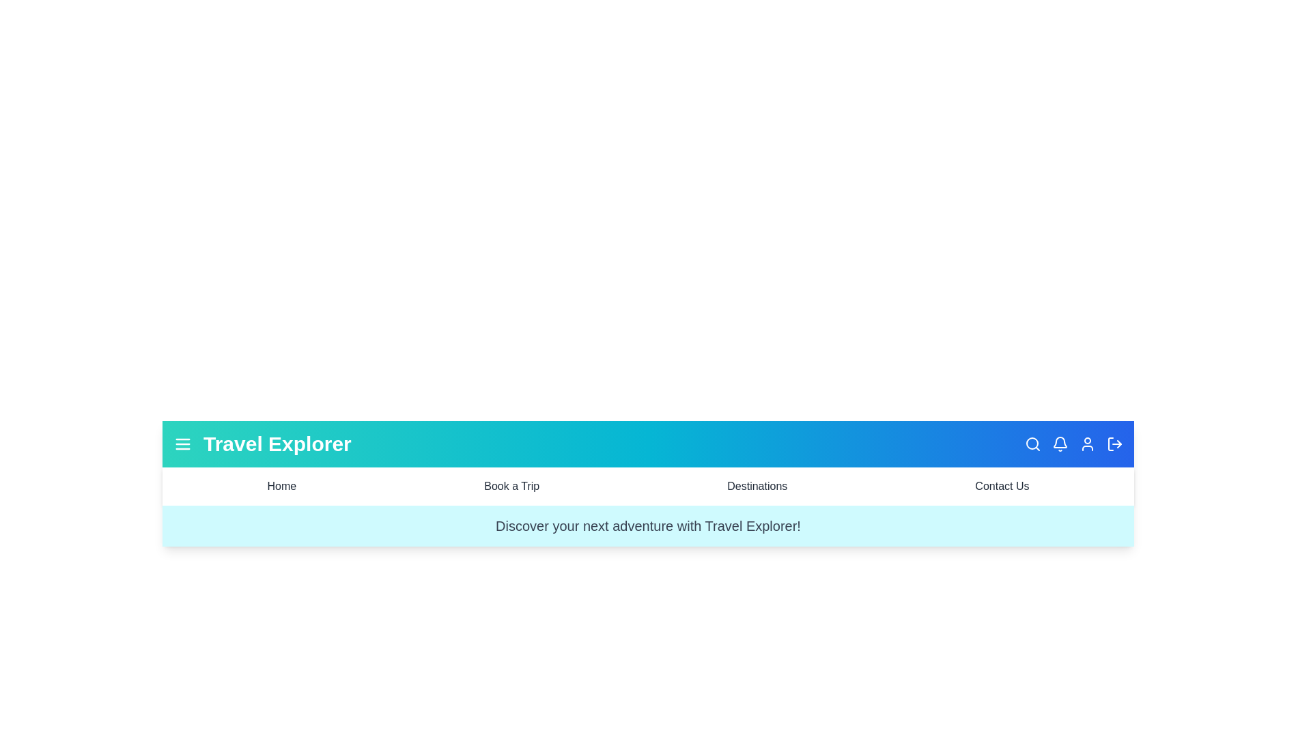 The image size is (1311, 737). I want to click on the user profile icon to open the user menu, so click(1087, 444).